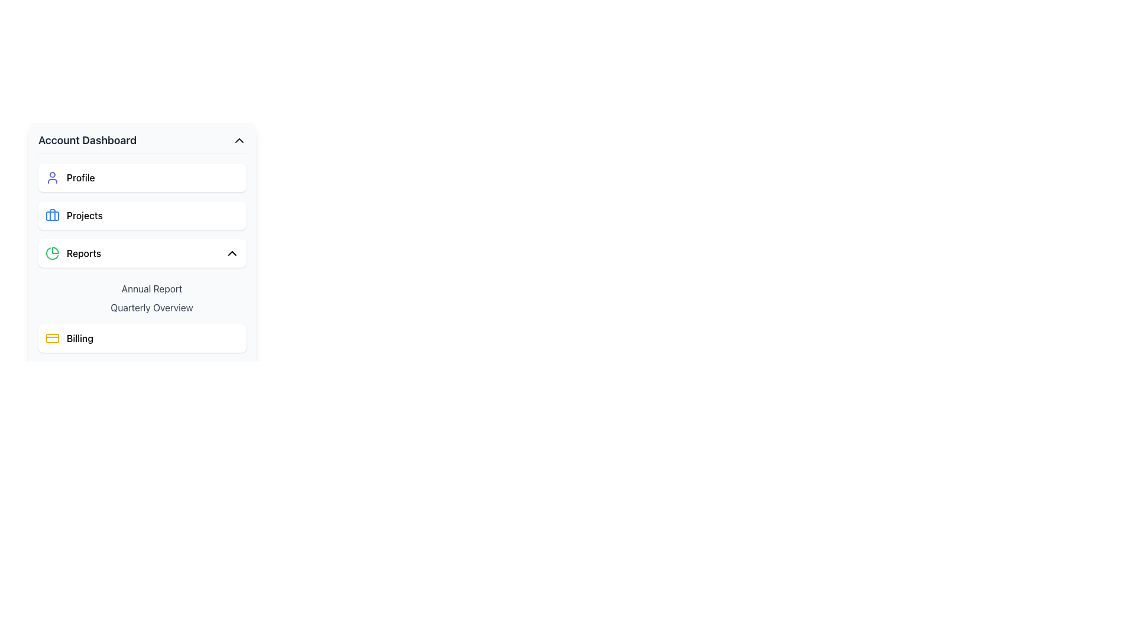  Describe the element at coordinates (232, 252) in the screenshot. I see `the upward chevron icon located on the right edge of the 'Reports' button in the vertical menu` at that location.